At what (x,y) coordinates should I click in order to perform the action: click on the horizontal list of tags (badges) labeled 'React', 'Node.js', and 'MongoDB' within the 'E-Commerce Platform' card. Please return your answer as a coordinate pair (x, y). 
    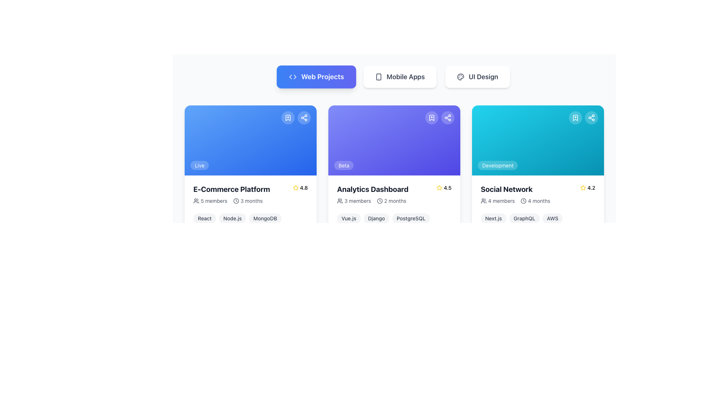
    Looking at the image, I should click on (250, 218).